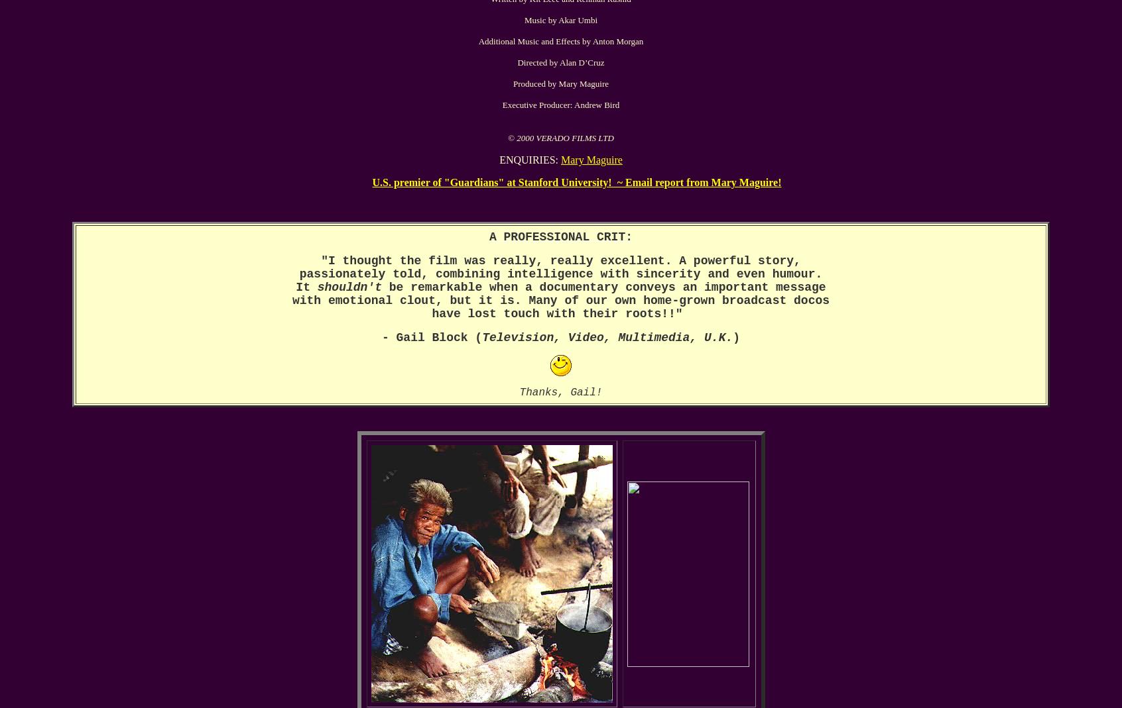 The image size is (1122, 708). Describe the element at coordinates (298, 274) in the screenshot. I see `'passionately
told, combining intelligence with sincerity and even humour.'` at that location.